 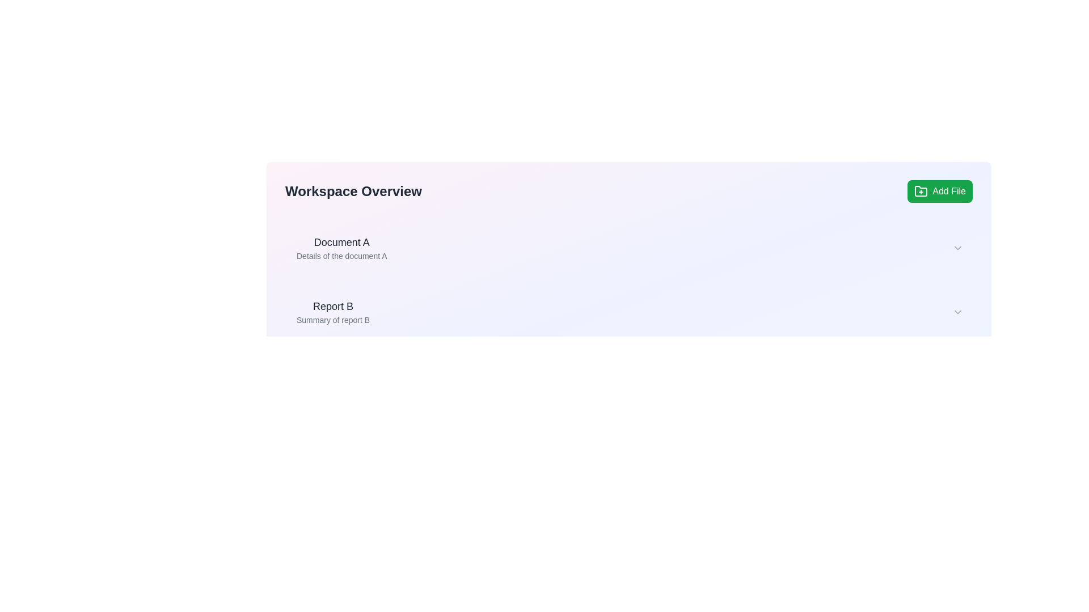 What do you see at coordinates (921, 190) in the screenshot?
I see `the folder icon located within the green 'Add File' button in the top-right section of the interface` at bounding box center [921, 190].